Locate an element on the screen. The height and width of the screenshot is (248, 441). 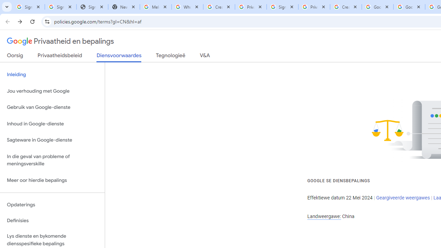
'Definisies' is located at coordinates (52, 220).